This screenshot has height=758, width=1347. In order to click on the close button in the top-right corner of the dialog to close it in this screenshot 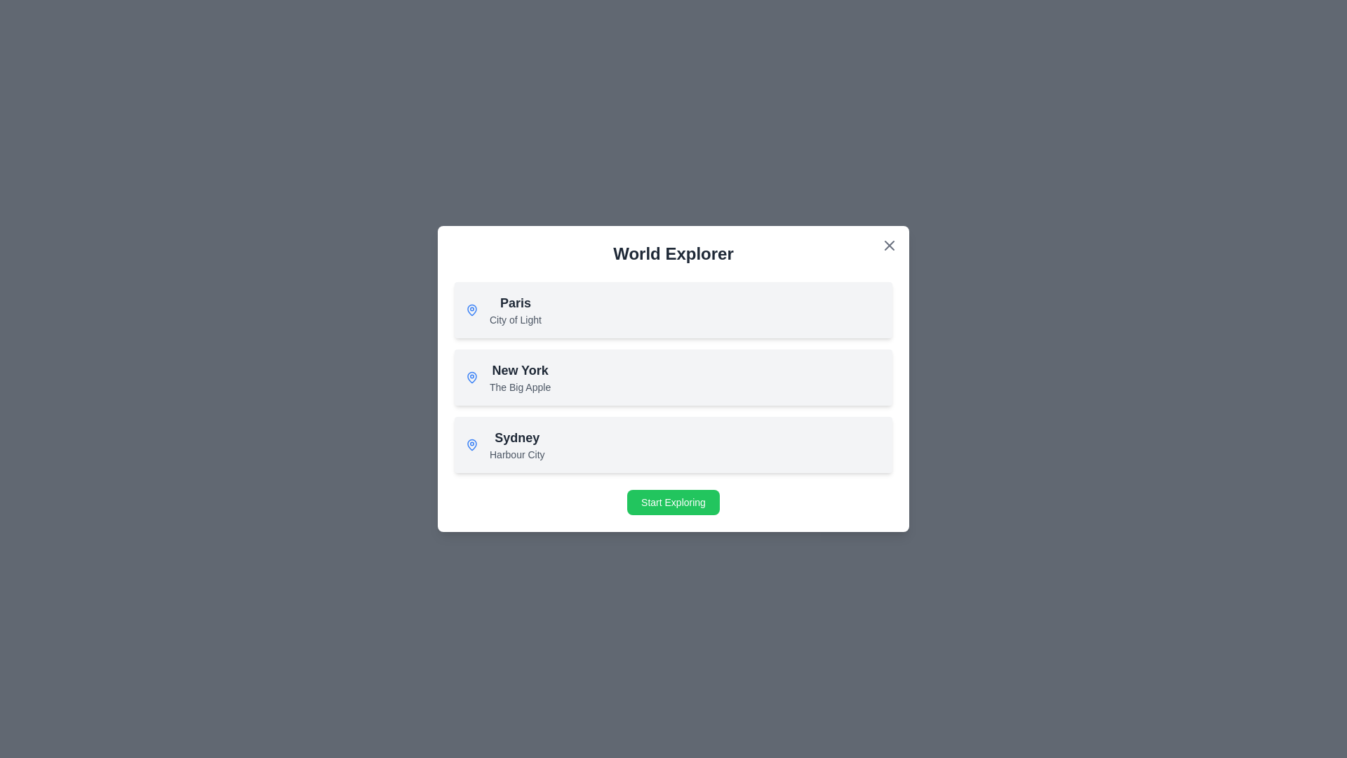, I will do `click(888, 245)`.